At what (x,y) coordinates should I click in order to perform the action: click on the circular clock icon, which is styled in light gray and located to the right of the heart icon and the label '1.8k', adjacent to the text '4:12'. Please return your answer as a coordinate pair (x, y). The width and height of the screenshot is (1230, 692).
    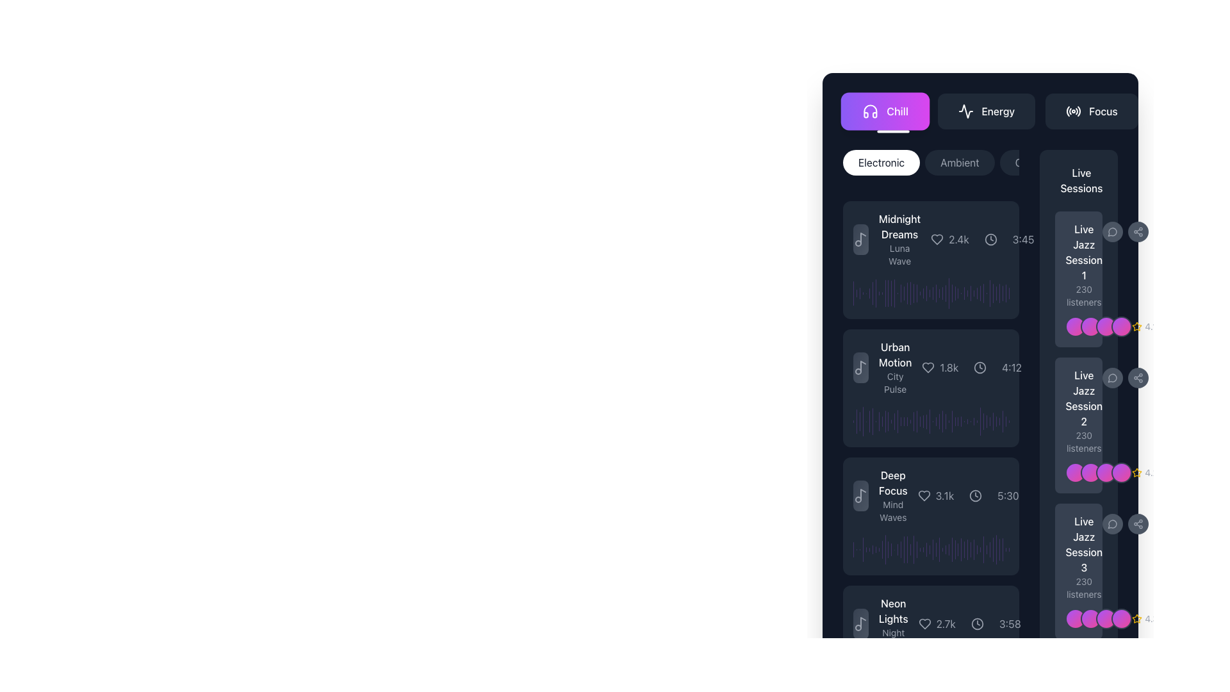
    Looking at the image, I should click on (980, 368).